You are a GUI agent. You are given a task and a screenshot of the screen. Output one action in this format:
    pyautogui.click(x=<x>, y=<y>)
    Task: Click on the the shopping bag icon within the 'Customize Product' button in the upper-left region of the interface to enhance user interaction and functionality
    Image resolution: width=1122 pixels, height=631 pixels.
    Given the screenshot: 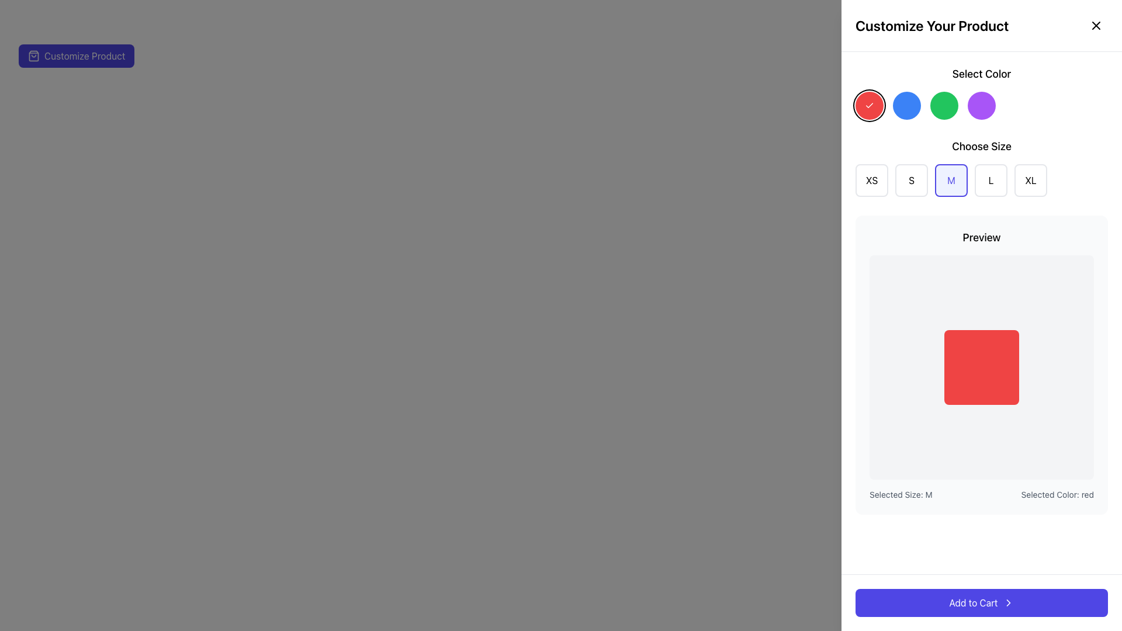 What is the action you would take?
    pyautogui.click(x=33, y=56)
    